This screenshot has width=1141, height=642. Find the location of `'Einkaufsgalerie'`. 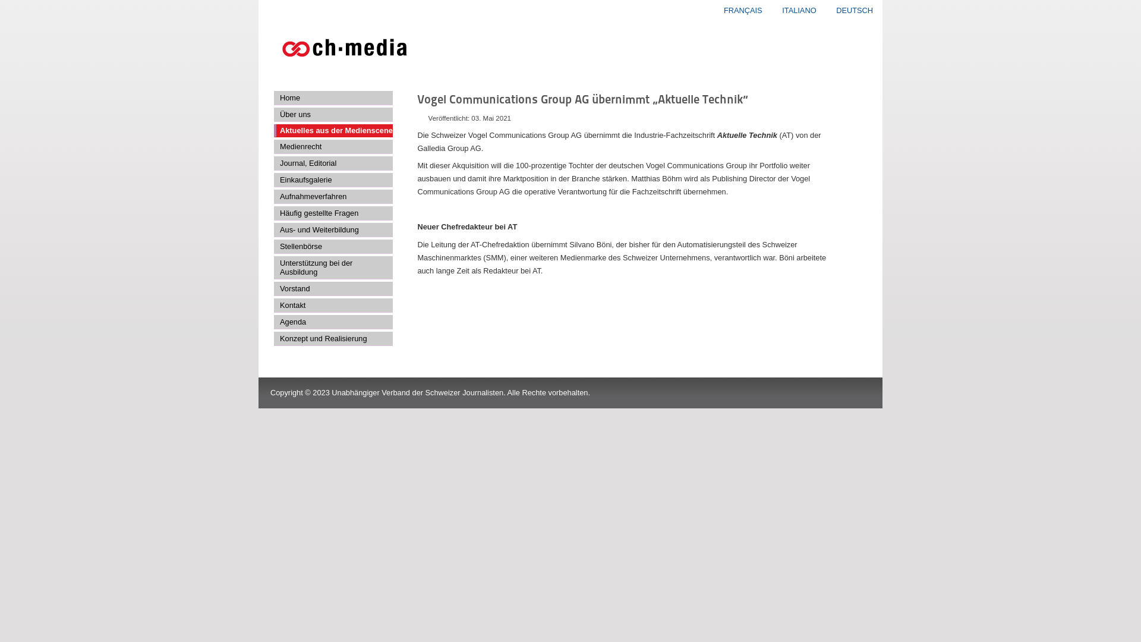

'Einkaufsgalerie' is located at coordinates (333, 180).